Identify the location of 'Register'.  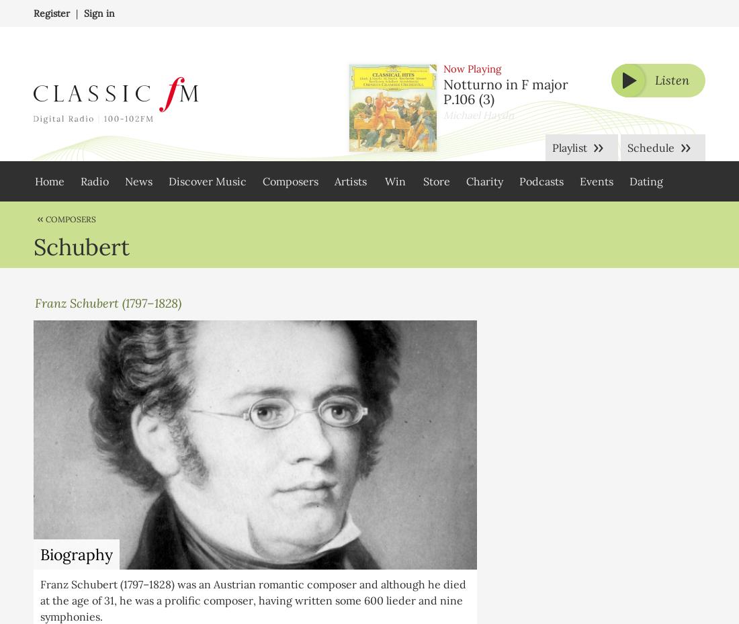
(33, 12).